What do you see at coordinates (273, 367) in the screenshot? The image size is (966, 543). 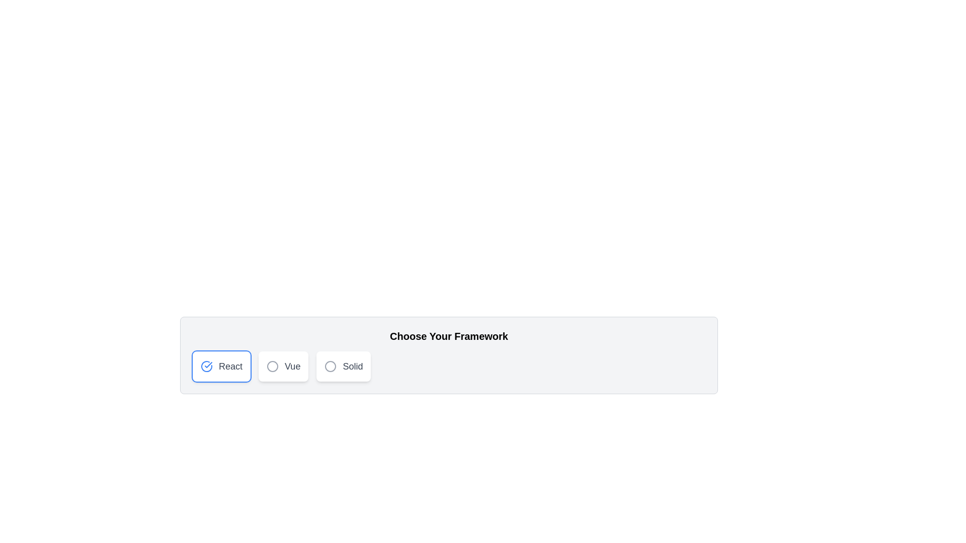 I see `the circular icon with a gray stroke located within the 'Vue' option, positioned to the left of the 'Vue' label` at bounding box center [273, 367].